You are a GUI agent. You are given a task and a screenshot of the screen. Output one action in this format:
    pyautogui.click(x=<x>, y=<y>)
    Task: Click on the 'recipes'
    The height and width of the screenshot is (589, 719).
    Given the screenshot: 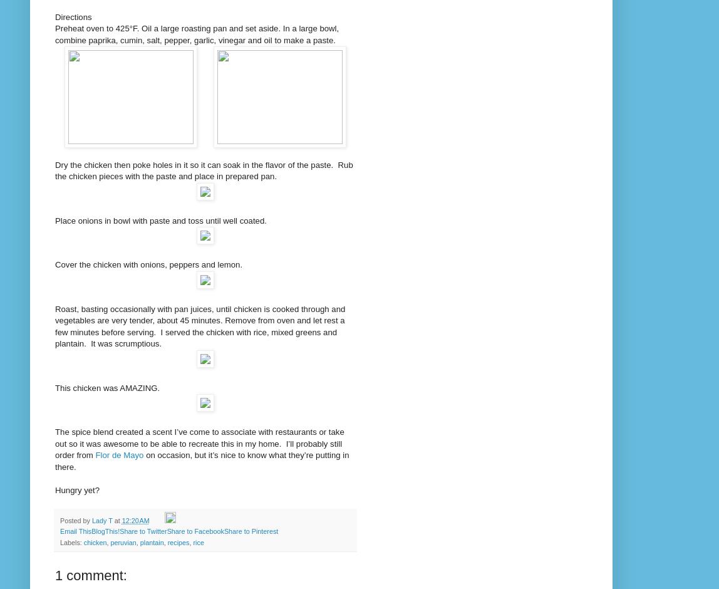 What is the action you would take?
    pyautogui.click(x=178, y=541)
    